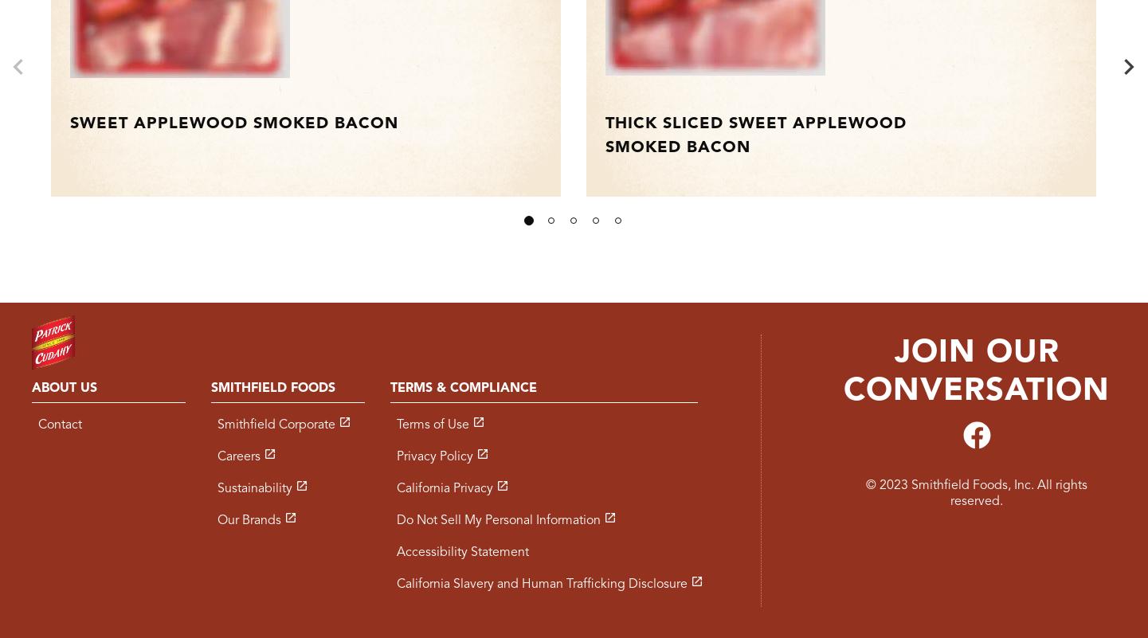 The image size is (1148, 638). I want to click on 'About Us', so click(64, 387).